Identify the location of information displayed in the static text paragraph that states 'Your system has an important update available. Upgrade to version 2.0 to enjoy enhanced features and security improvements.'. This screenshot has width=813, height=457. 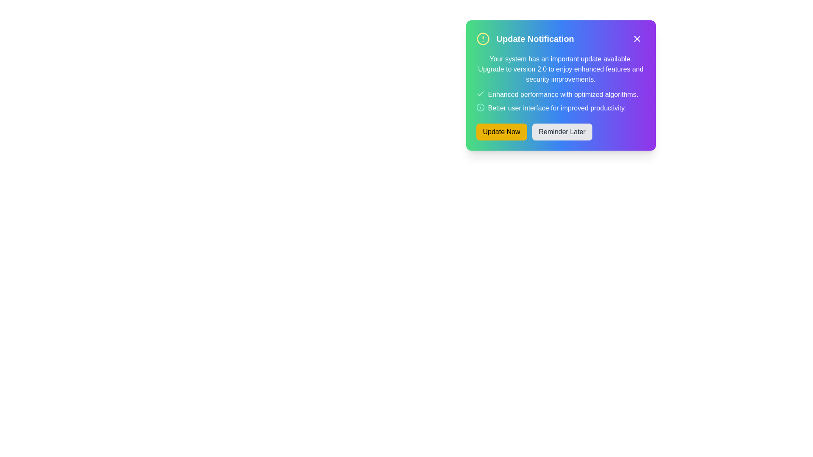
(561, 69).